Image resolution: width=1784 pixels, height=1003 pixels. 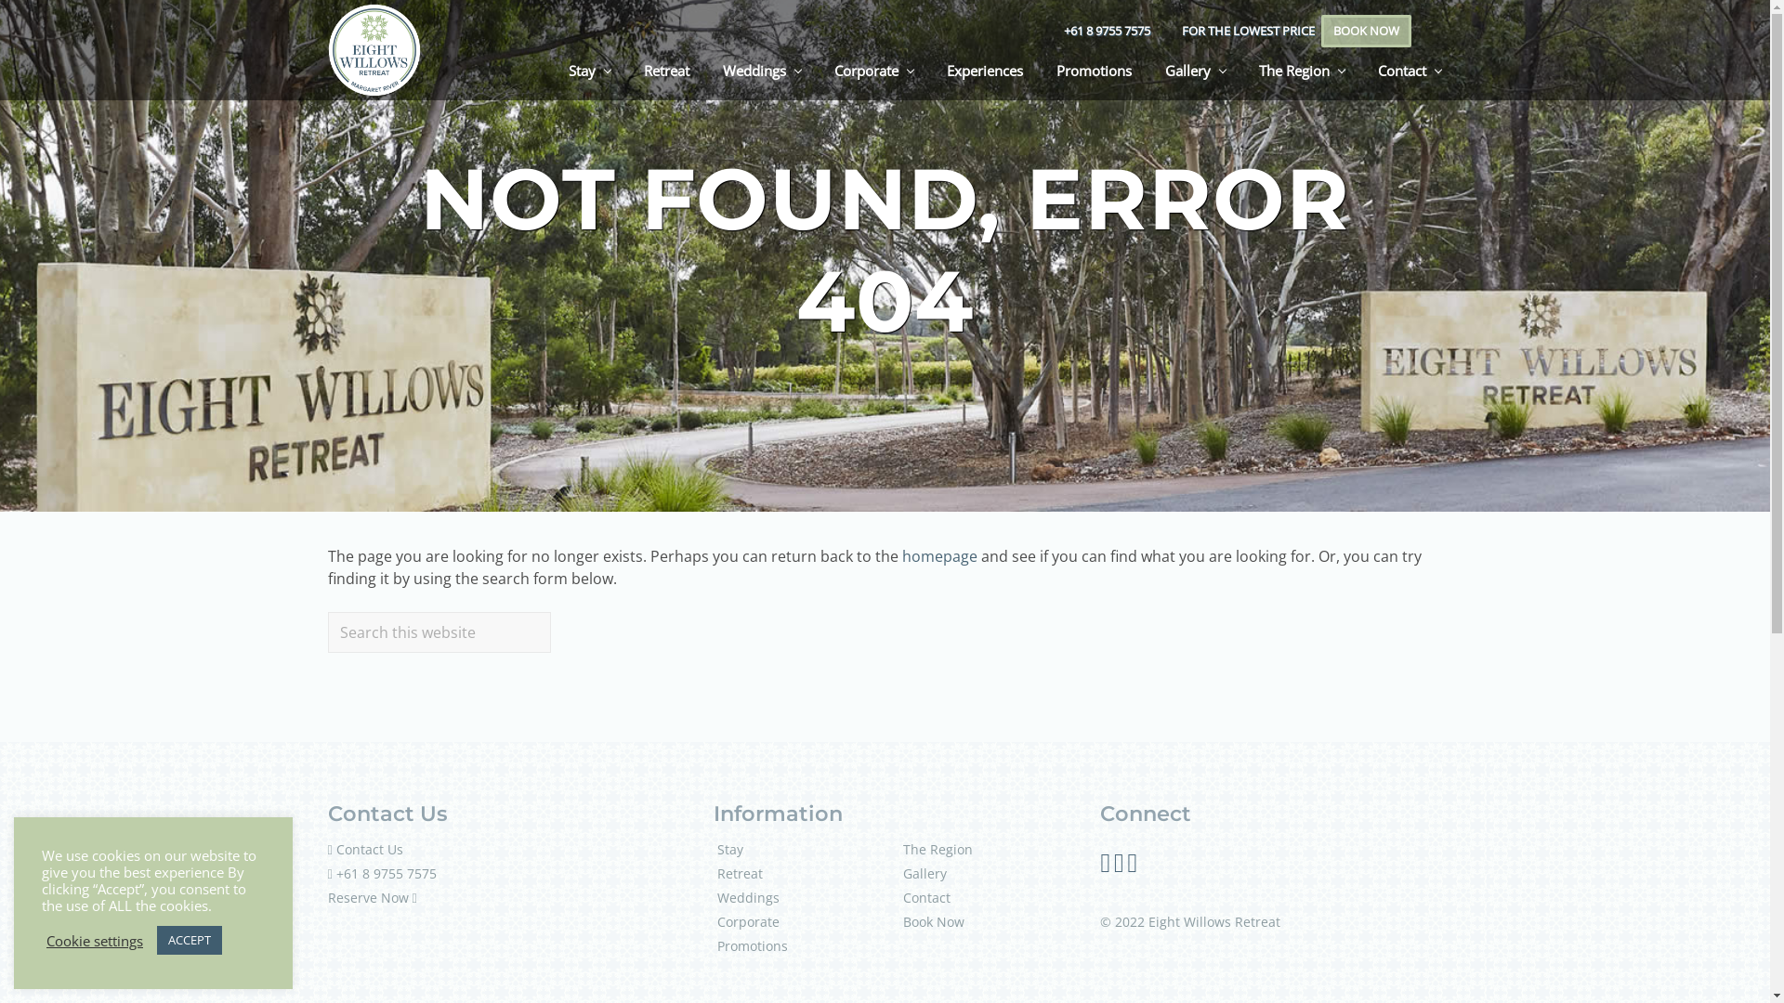 I want to click on 'Experiences', so click(x=983, y=70).